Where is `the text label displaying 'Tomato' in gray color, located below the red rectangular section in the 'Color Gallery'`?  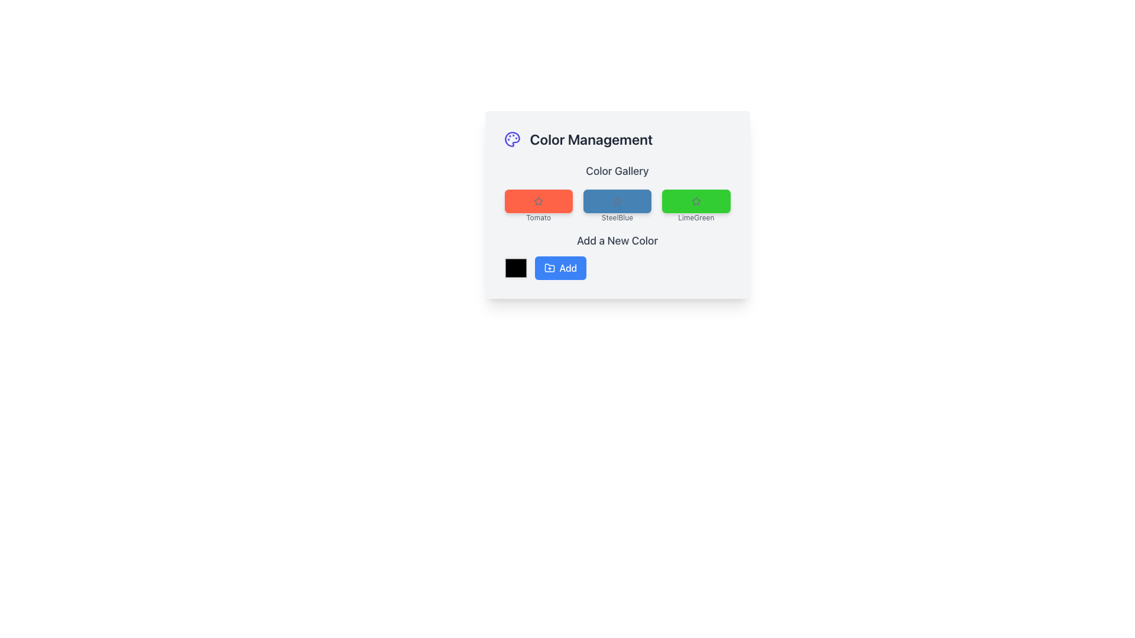
the text label displaying 'Tomato' in gray color, located below the red rectangular section in the 'Color Gallery' is located at coordinates (538, 218).